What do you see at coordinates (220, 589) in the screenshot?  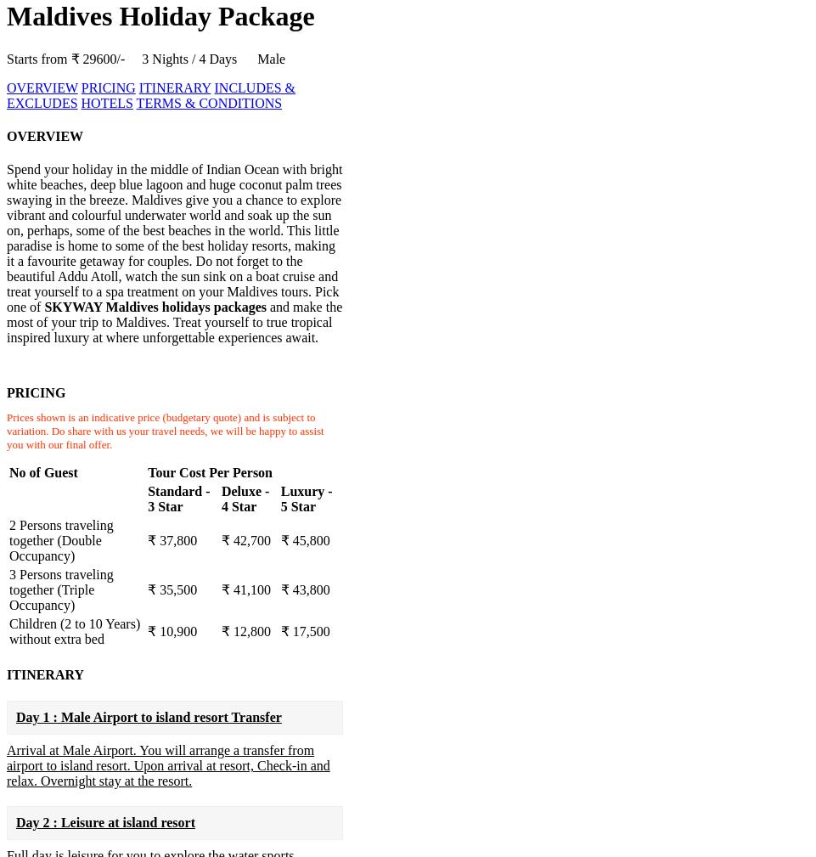 I see `'₹ 41,100'` at bounding box center [220, 589].